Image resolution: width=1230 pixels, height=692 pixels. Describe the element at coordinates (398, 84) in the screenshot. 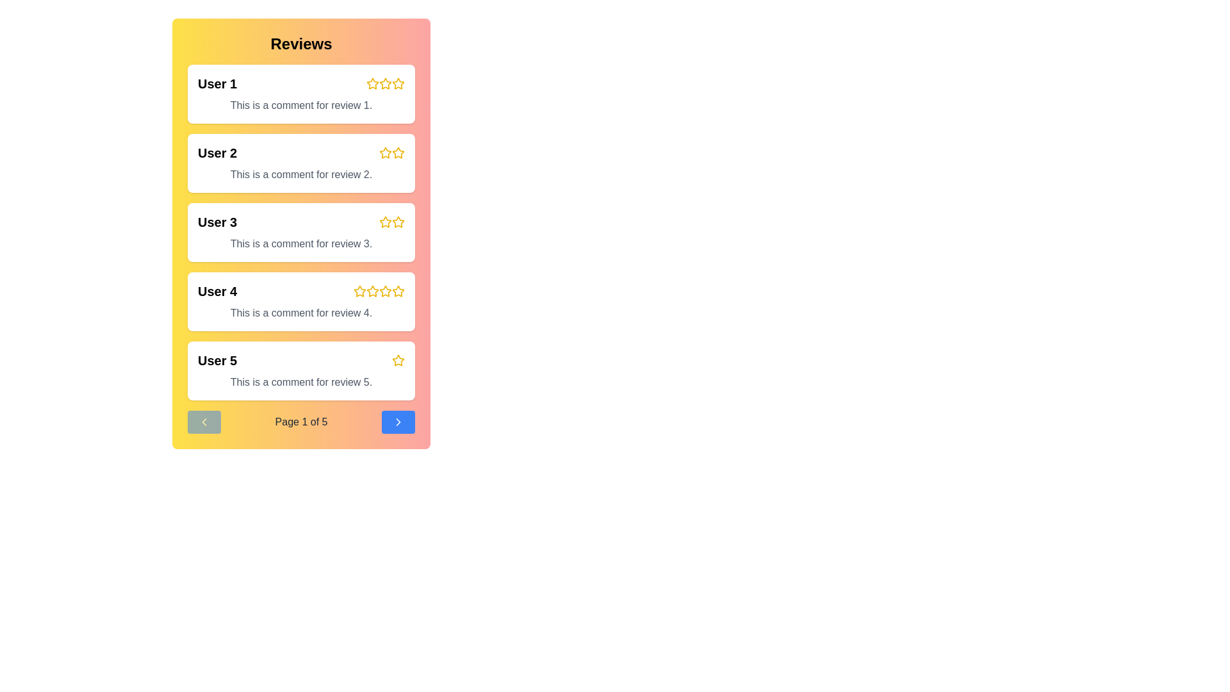

I see `the fifth yellow star in the rating system located in the first review panel labeled 'User 1'` at that location.